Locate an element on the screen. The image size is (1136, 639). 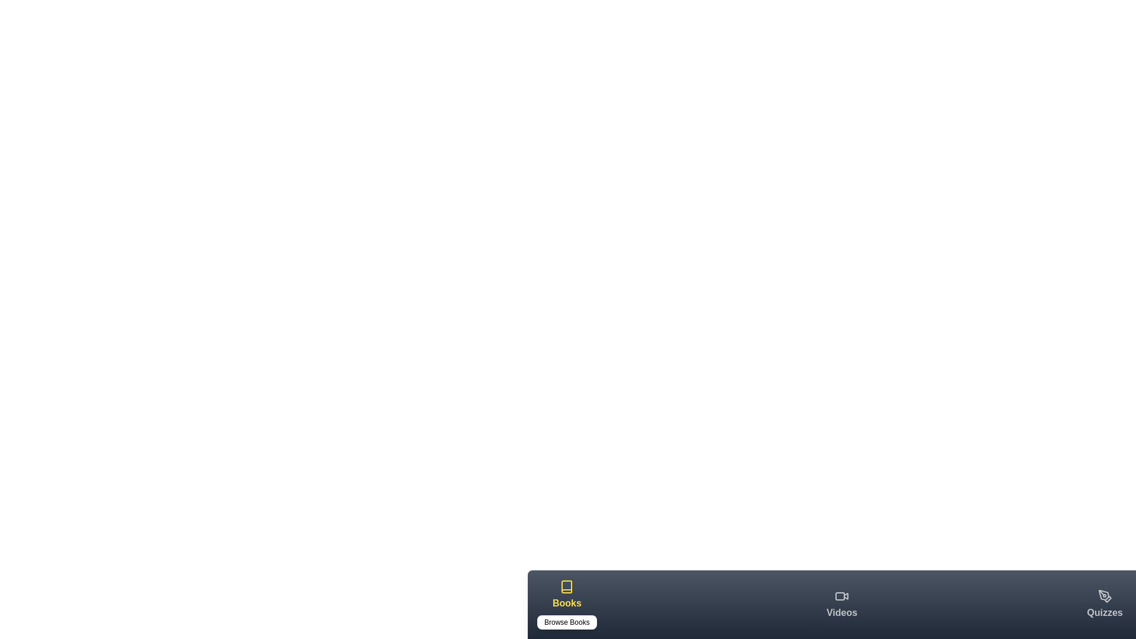
the Videos tab in the bottom navigation is located at coordinates (841, 605).